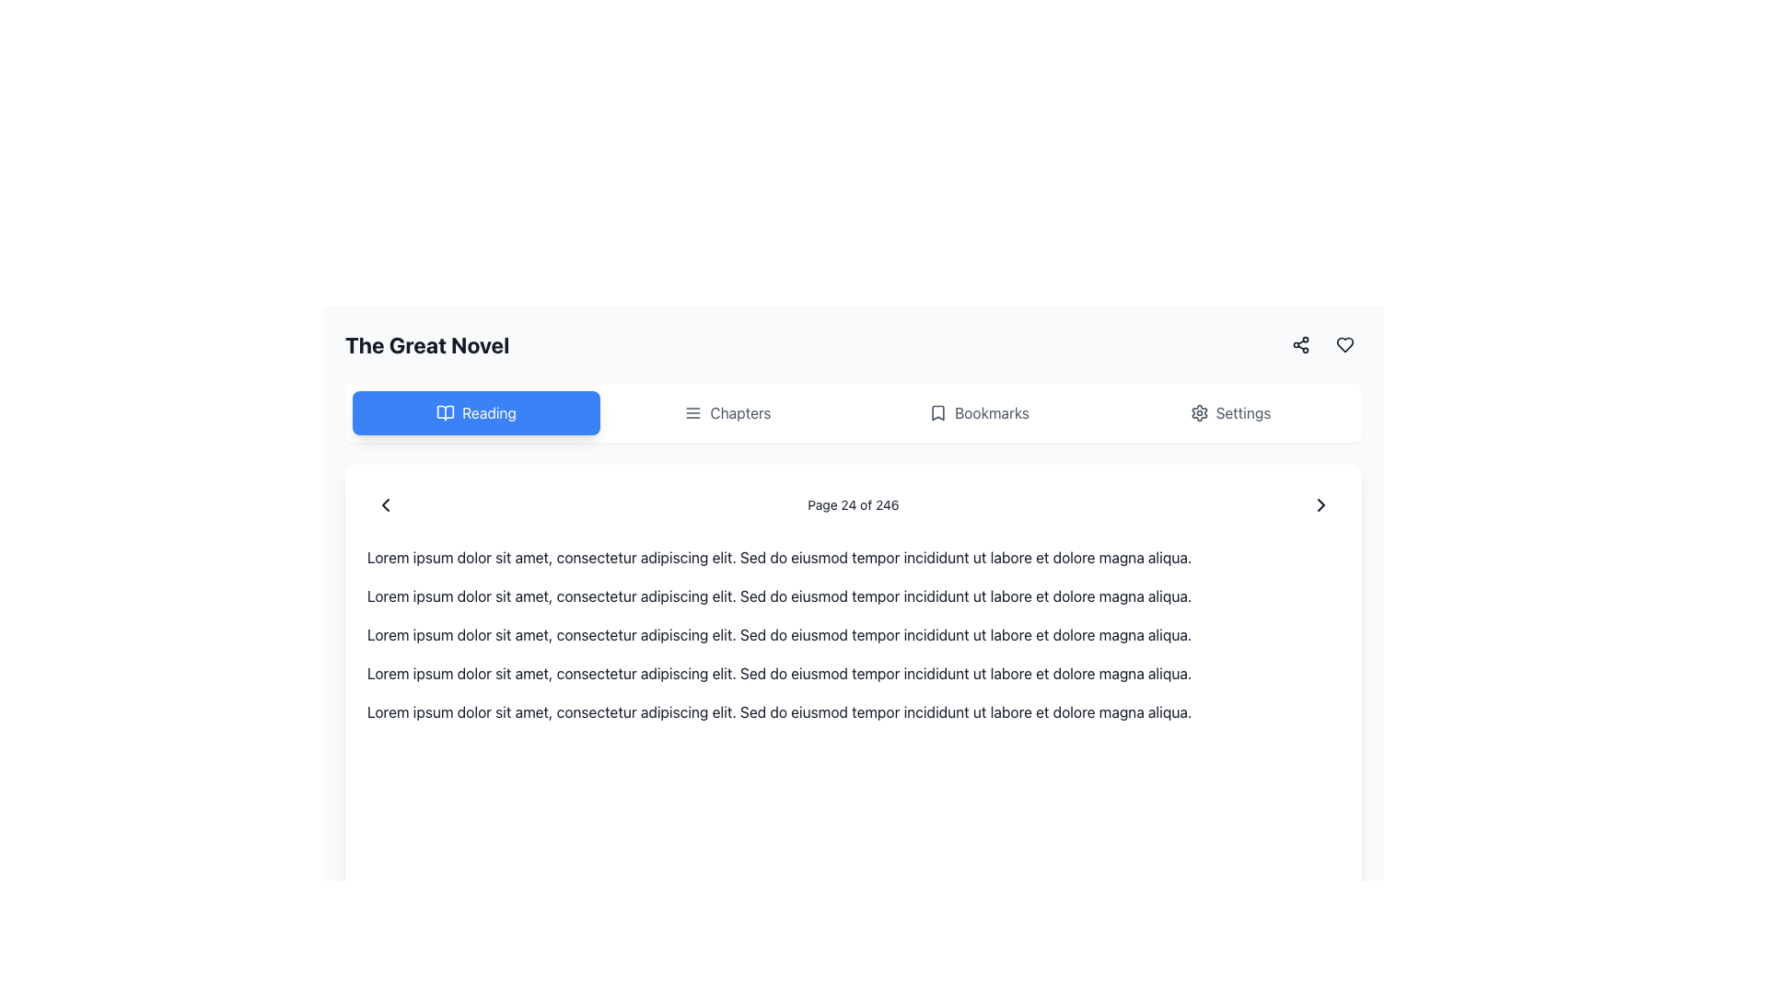 The image size is (1768, 994). I want to click on the 'Bookmarks' button located in the horizontal navigation bar, positioned between the 'Chapters' and 'Settings' buttons, so click(978, 411).